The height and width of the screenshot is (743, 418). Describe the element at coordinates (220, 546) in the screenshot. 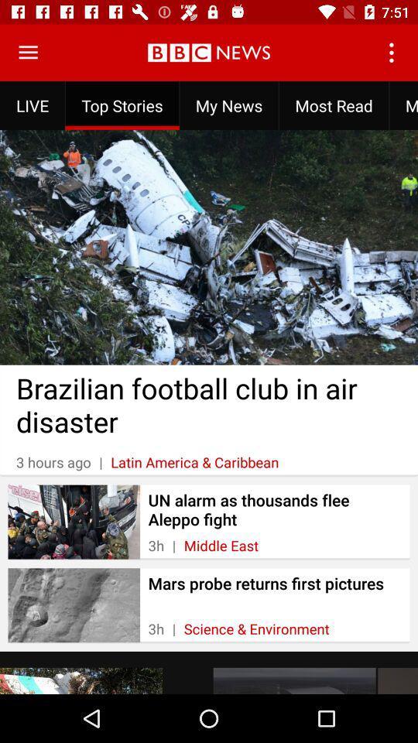

I see `the middle east` at that location.